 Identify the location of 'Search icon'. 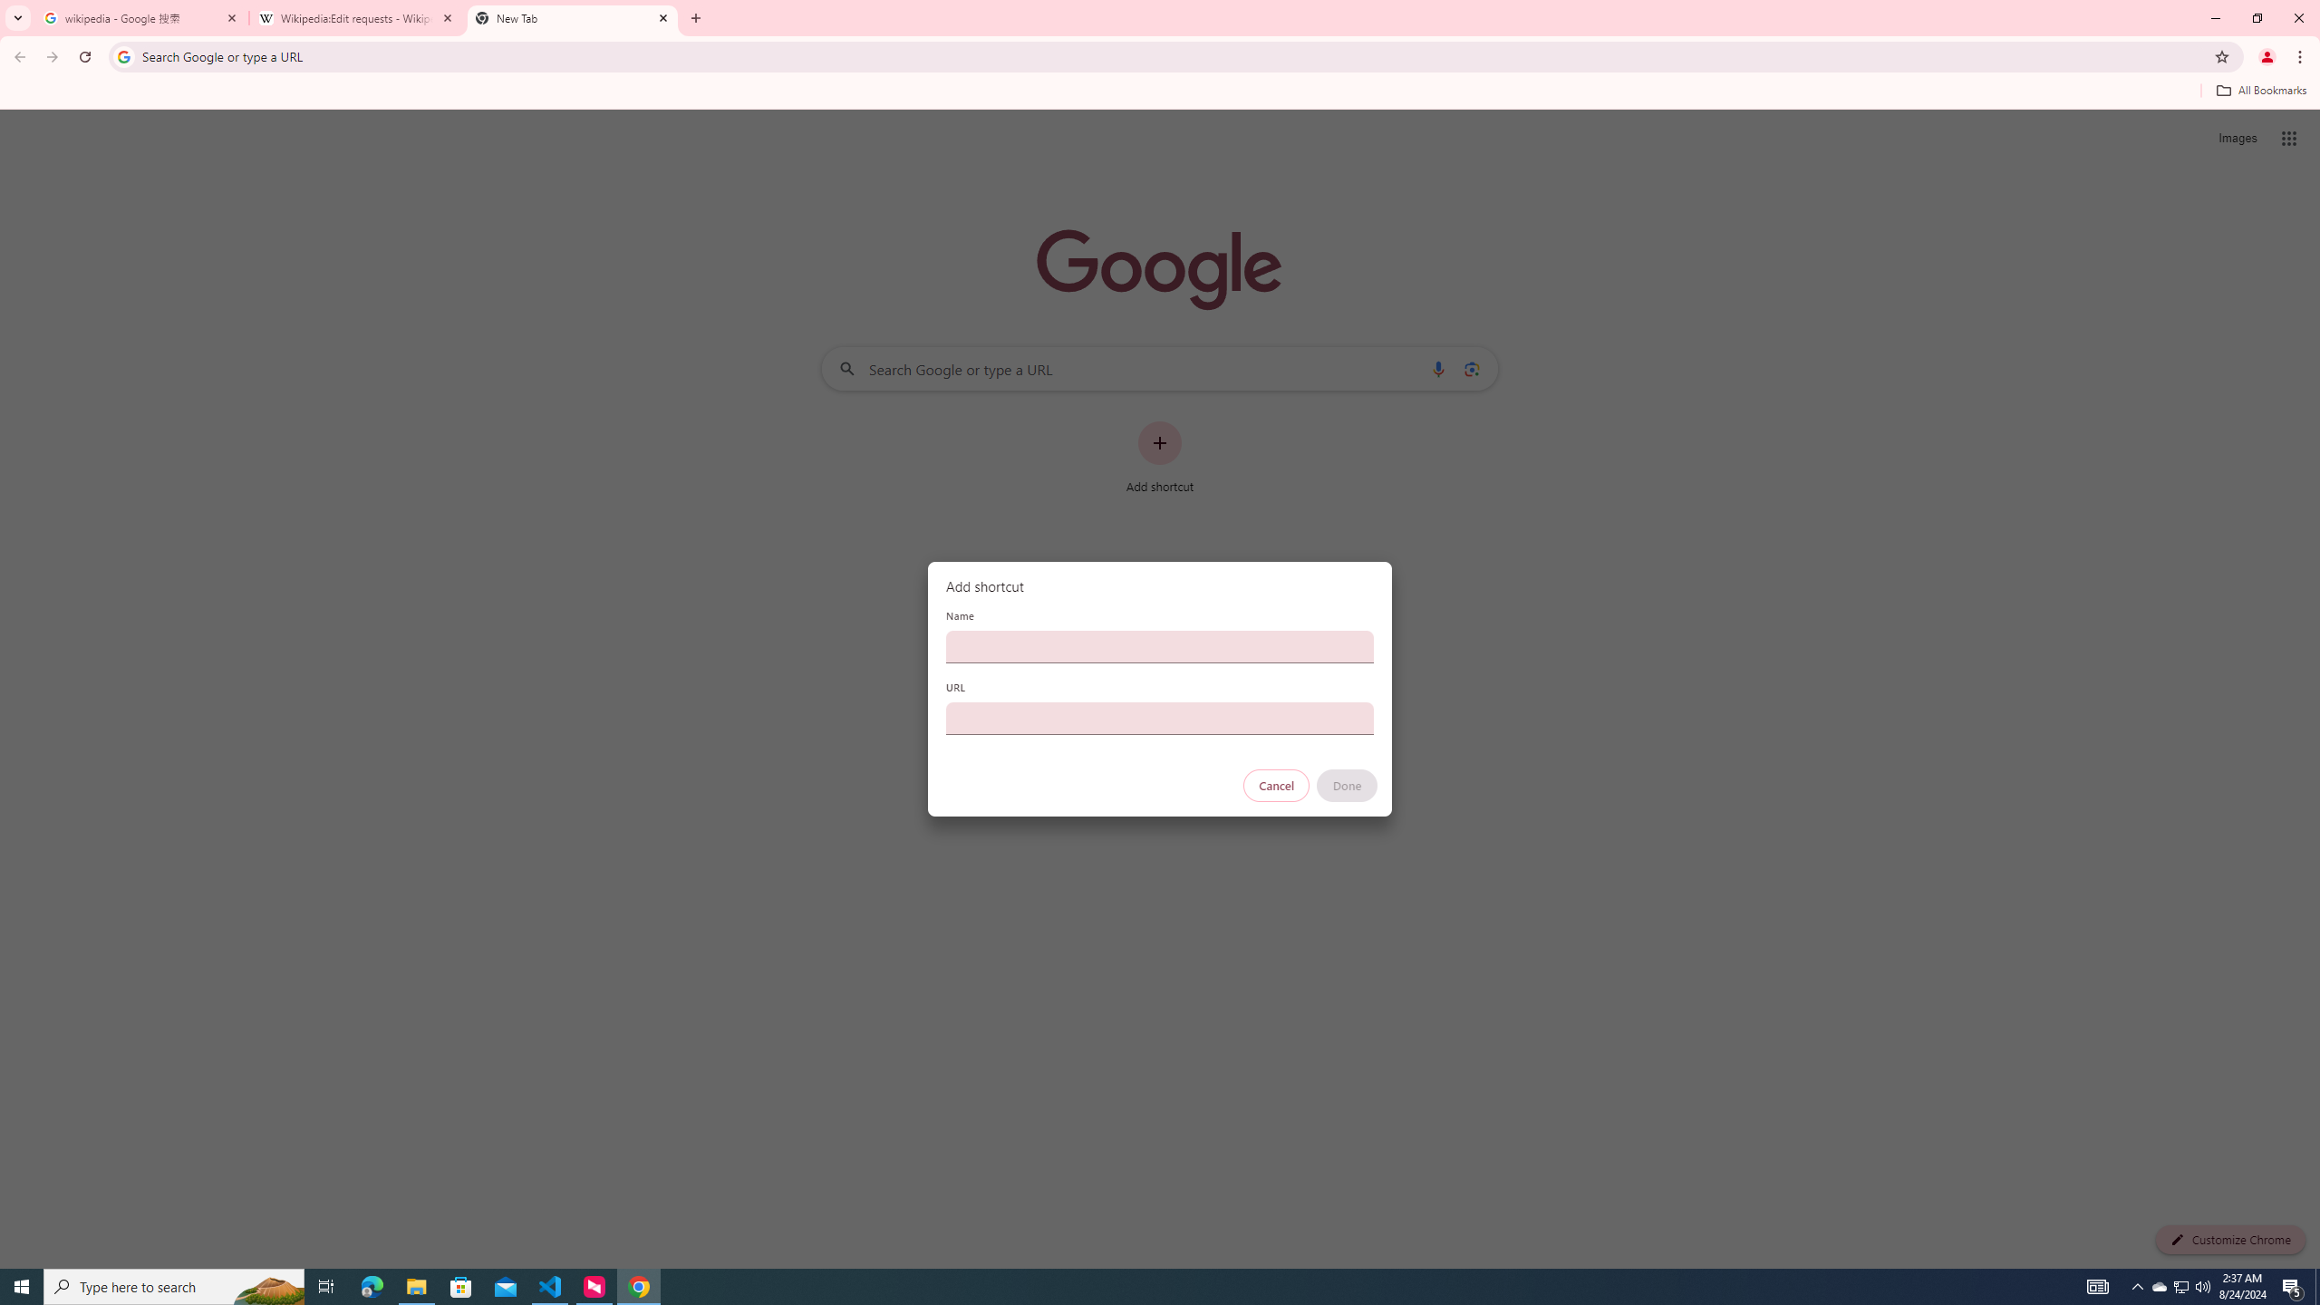
(122, 55).